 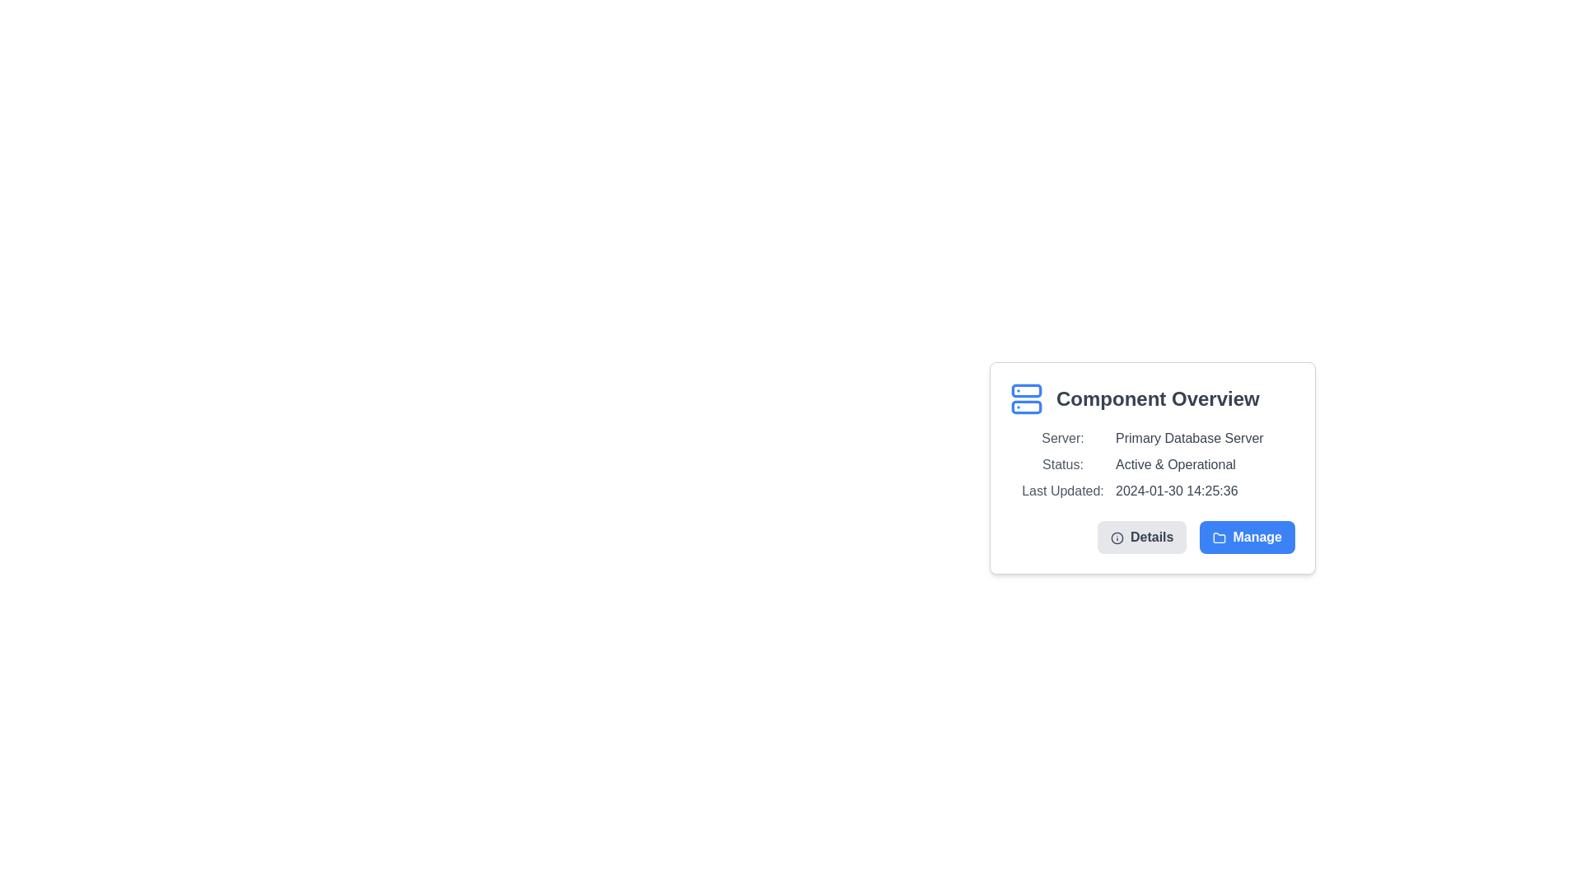 What do you see at coordinates (1220, 538) in the screenshot?
I see `the icon located within the blue 'Manage' button in the bottom-right corner of the card, which precedes the text label 'Manage'` at bounding box center [1220, 538].